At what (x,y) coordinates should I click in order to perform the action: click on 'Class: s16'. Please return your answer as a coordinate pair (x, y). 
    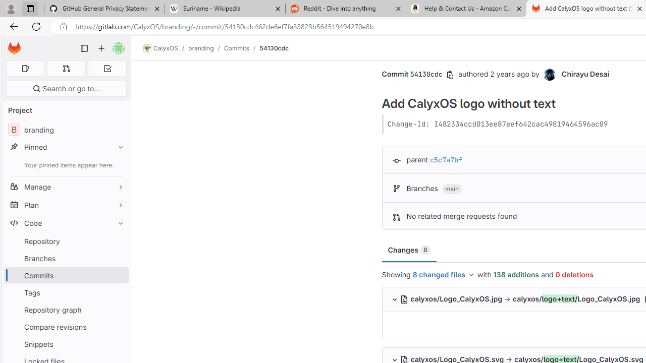
    Looking at the image, I should click on (404, 299).